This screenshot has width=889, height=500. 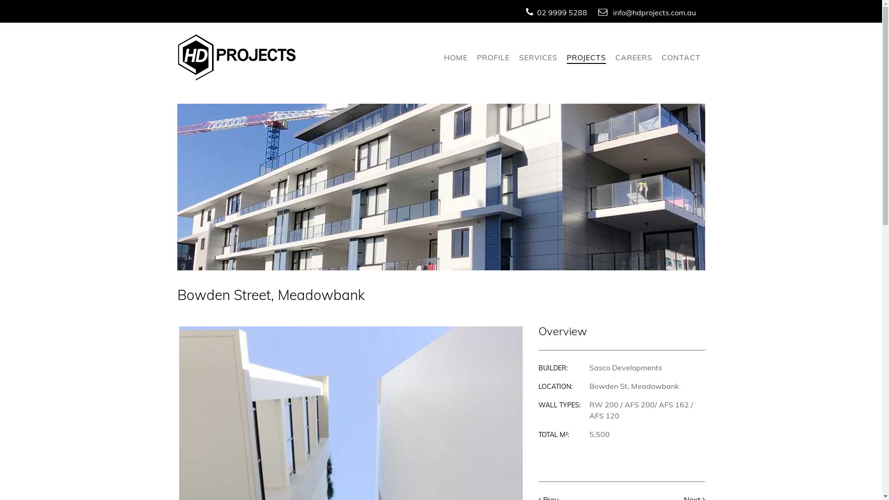 What do you see at coordinates (633, 58) in the screenshot?
I see `'CAREERS'` at bounding box center [633, 58].